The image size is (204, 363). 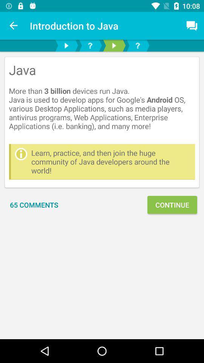 I want to click on learn practice and item, so click(x=111, y=161).